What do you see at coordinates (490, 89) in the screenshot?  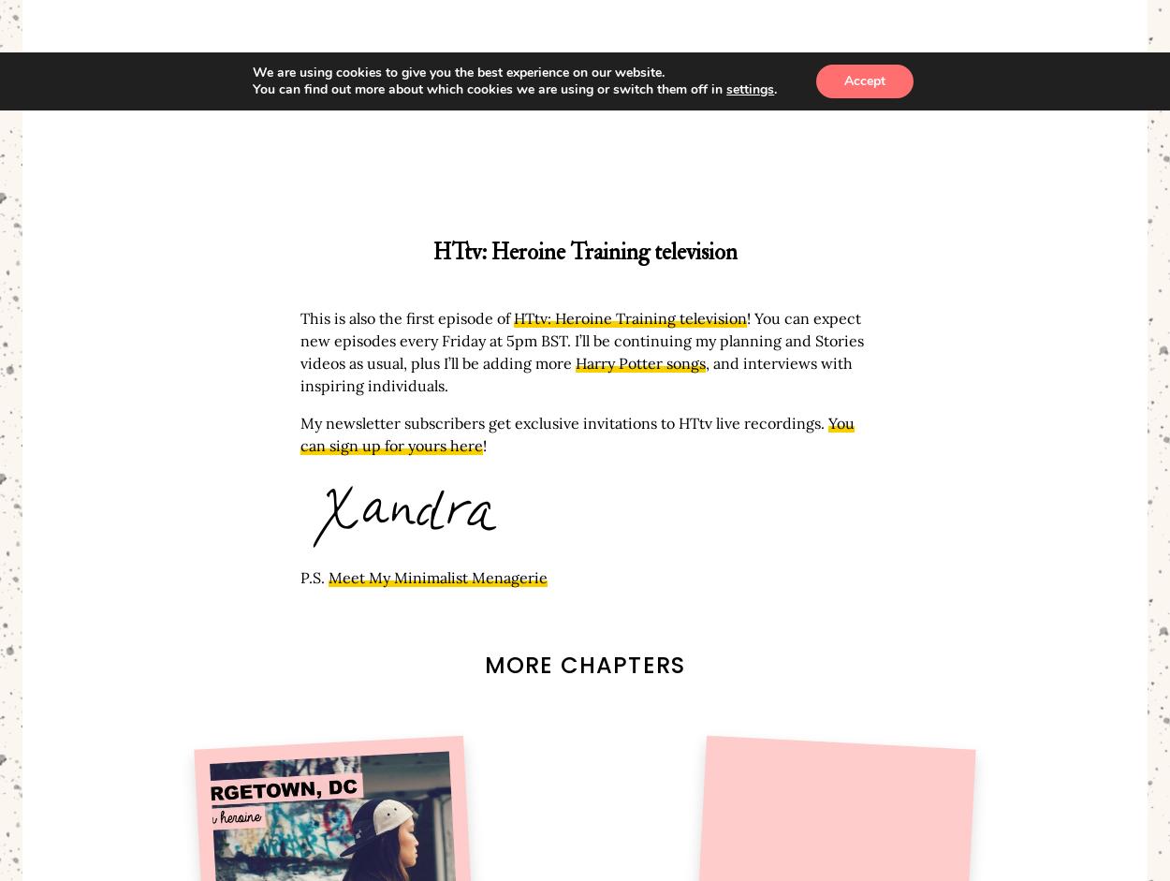 I see `'You can find out more about which cookies we are using or switch them off in'` at bounding box center [490, 89].